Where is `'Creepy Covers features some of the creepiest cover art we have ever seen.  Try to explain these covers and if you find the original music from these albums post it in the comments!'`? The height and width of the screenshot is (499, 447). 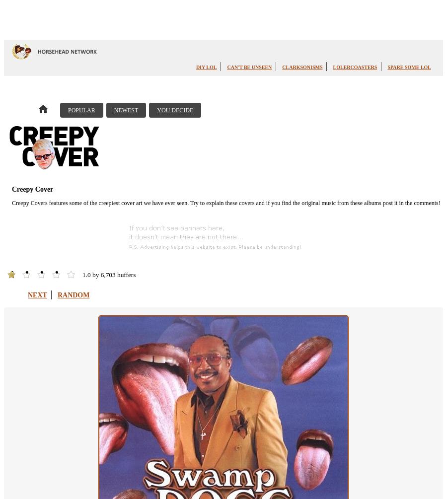
'Creepy Covers features some of the creepiest cover art we have ever seen.  Try to explain these covers and if you find the original music from these albums post it in the comments!' is located at coordinates (225, 203).